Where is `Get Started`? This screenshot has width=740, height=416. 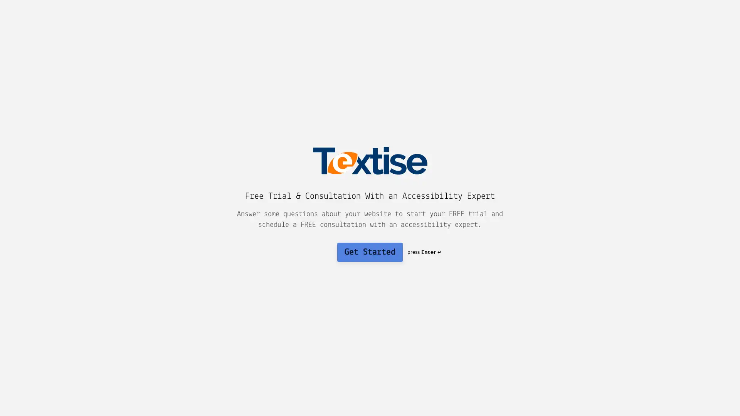 Get Started is located at coordinates (370, 252).